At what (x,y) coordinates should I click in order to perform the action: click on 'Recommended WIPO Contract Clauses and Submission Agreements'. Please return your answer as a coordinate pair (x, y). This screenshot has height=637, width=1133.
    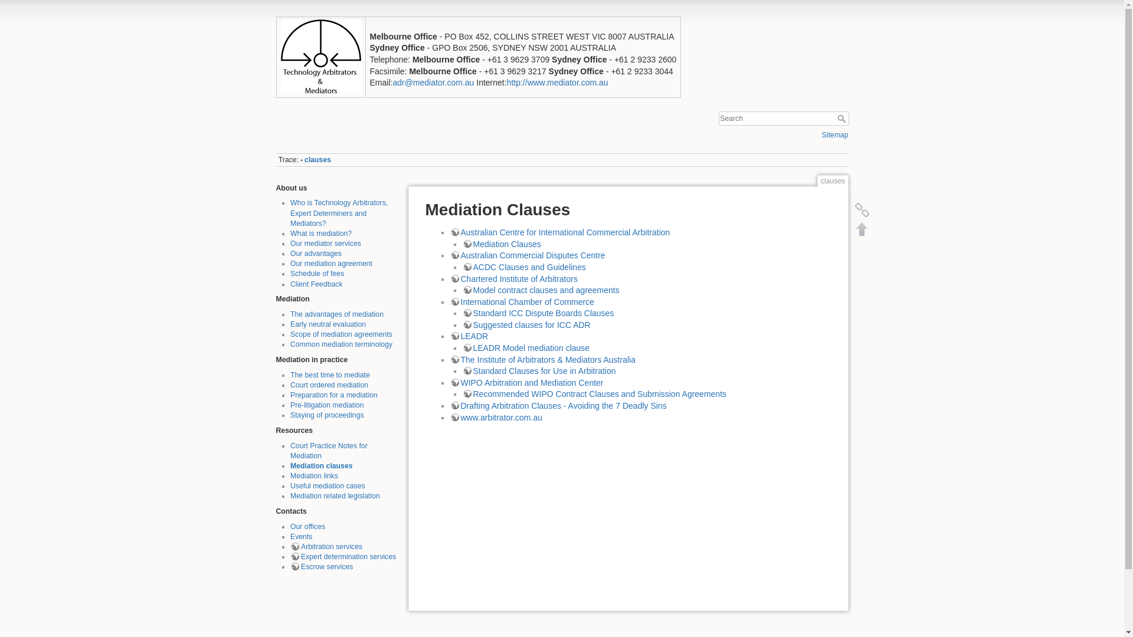
    Looking at the image, I should click on (595, 393).